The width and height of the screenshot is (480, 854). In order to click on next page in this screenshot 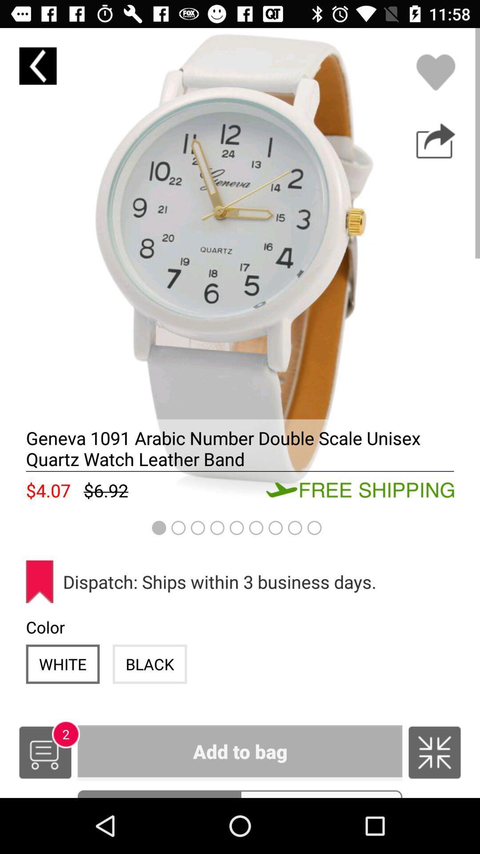, I will do `click(435, 141)`.